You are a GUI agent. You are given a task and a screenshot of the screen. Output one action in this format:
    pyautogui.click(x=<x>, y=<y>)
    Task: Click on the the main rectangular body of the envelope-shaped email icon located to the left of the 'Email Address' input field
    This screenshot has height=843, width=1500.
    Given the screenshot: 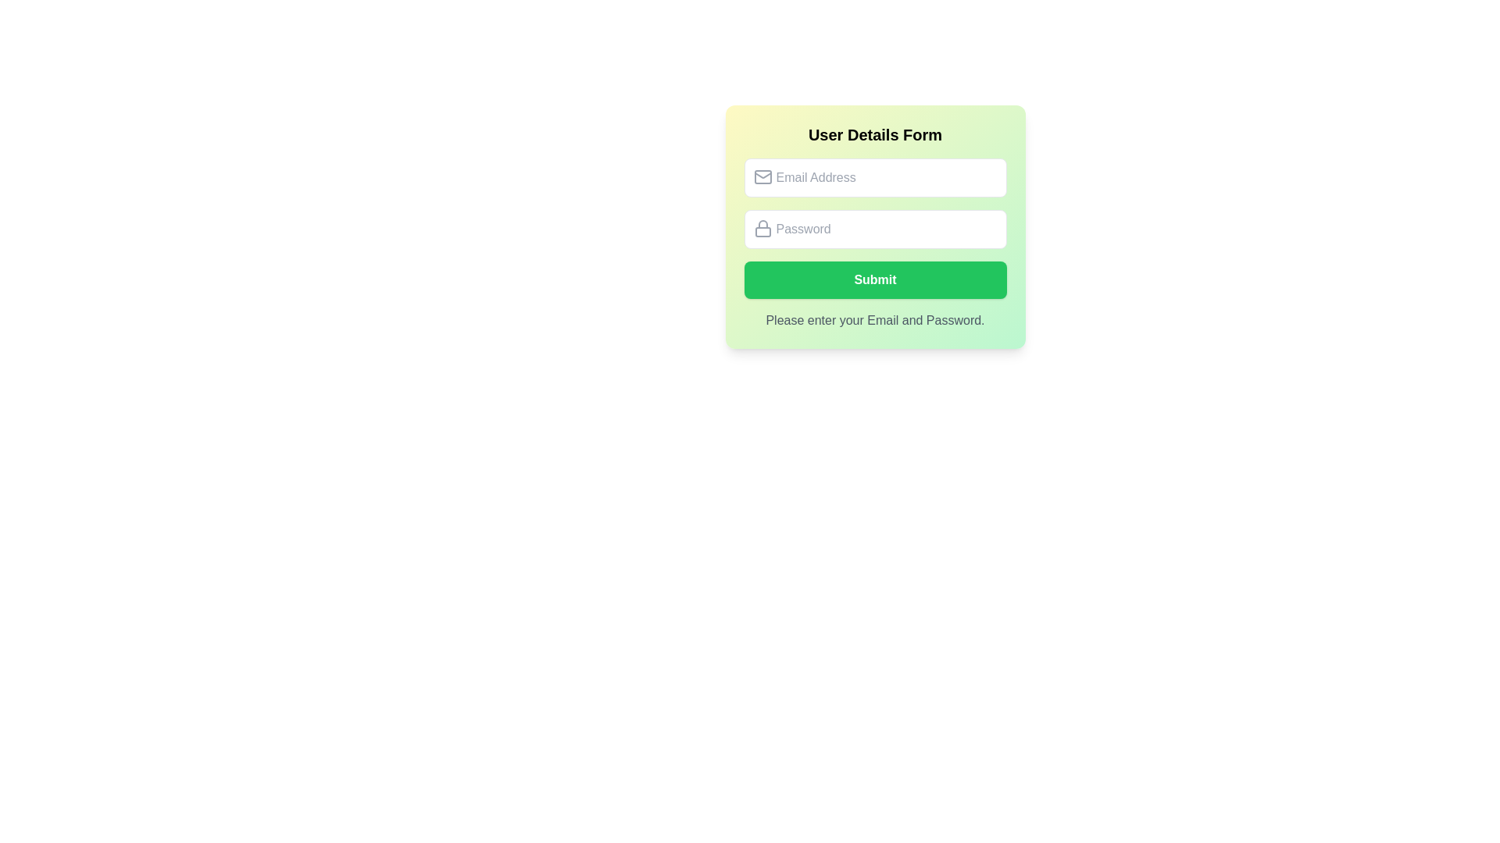 What is the action you would take?
    pyautogui.click(x=762, y=176)
    